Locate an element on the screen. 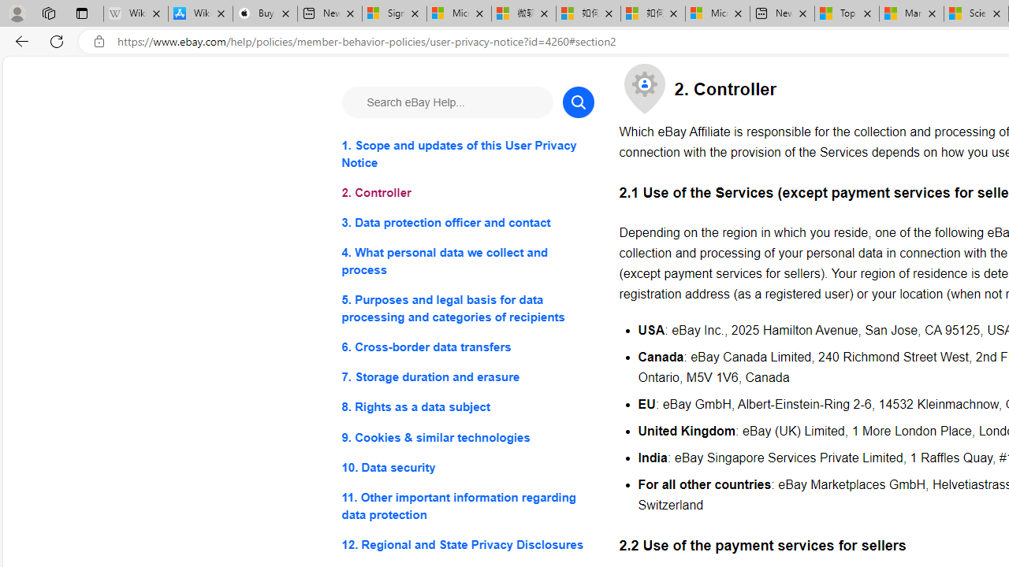 This screenshot has height=567, width=1009. '1. Scope and updates of this User Privacy Notice' is located at coordinates (467, 154).